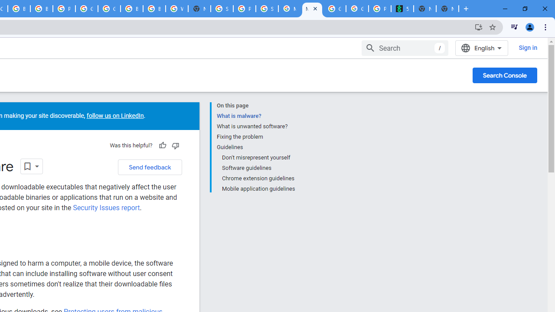 The image size is (555, 312). What do you see at coordinates (106, 208) in the screenshot?
I see `'Security Issues report'` at bounding box center [106, 208].